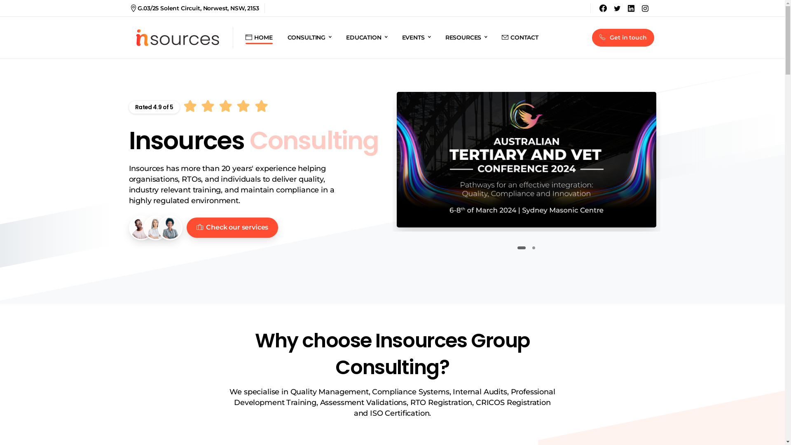  What do you see at coordinates (416, 37) in the screenshot?
I see `'EVENTS'` at bounding box center [416, 37].